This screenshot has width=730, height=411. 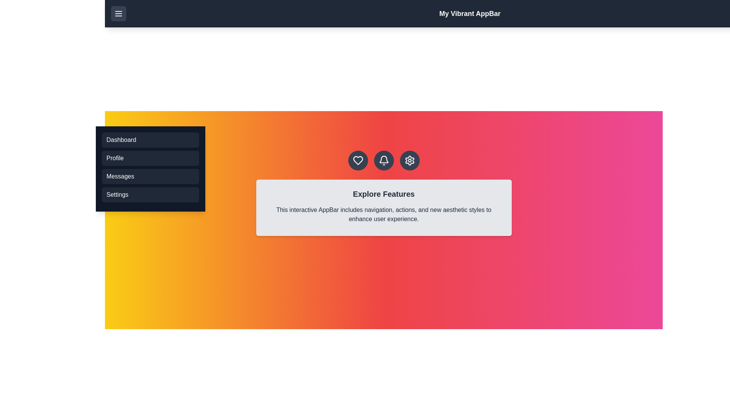 What do you see at coordinates (384, 160) in the screenshot?
I see `the bell icon in the action bar` at bounding box center [384, 160].